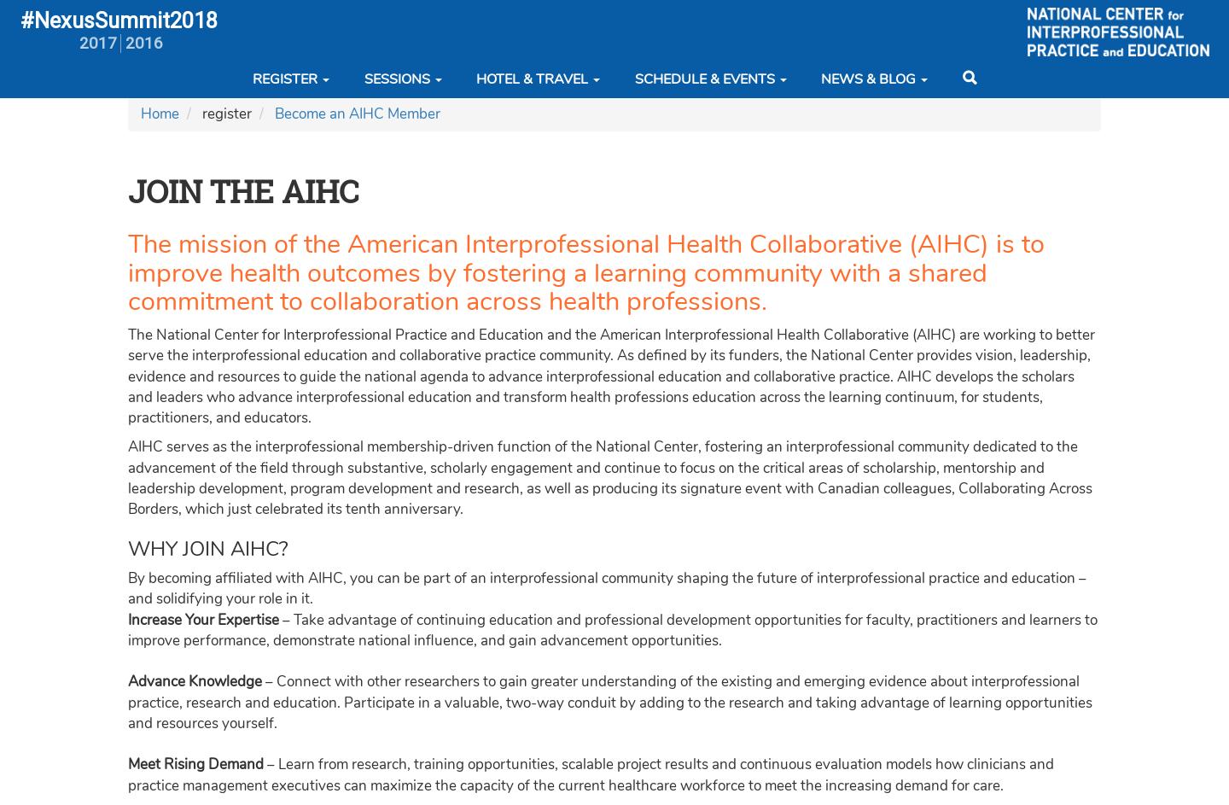 This screenshot has height=805, width=1229. I want to click on '– Learn from research, training opportunities, scalable project results and continuous evaluation models how clinicians and practice management executives can maximize the capacity of the current healthcare workforce to meet the increasing demand for care.', so click(591, 773).